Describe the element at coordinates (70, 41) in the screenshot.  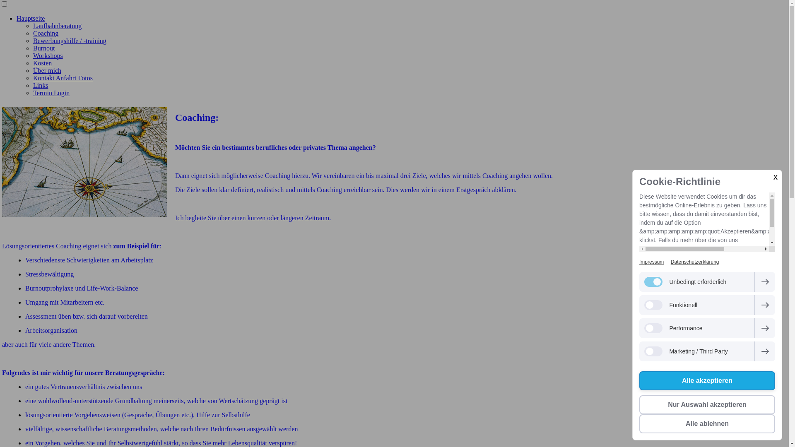
I see `'Bewerbungshilfe / -training'` at that location.